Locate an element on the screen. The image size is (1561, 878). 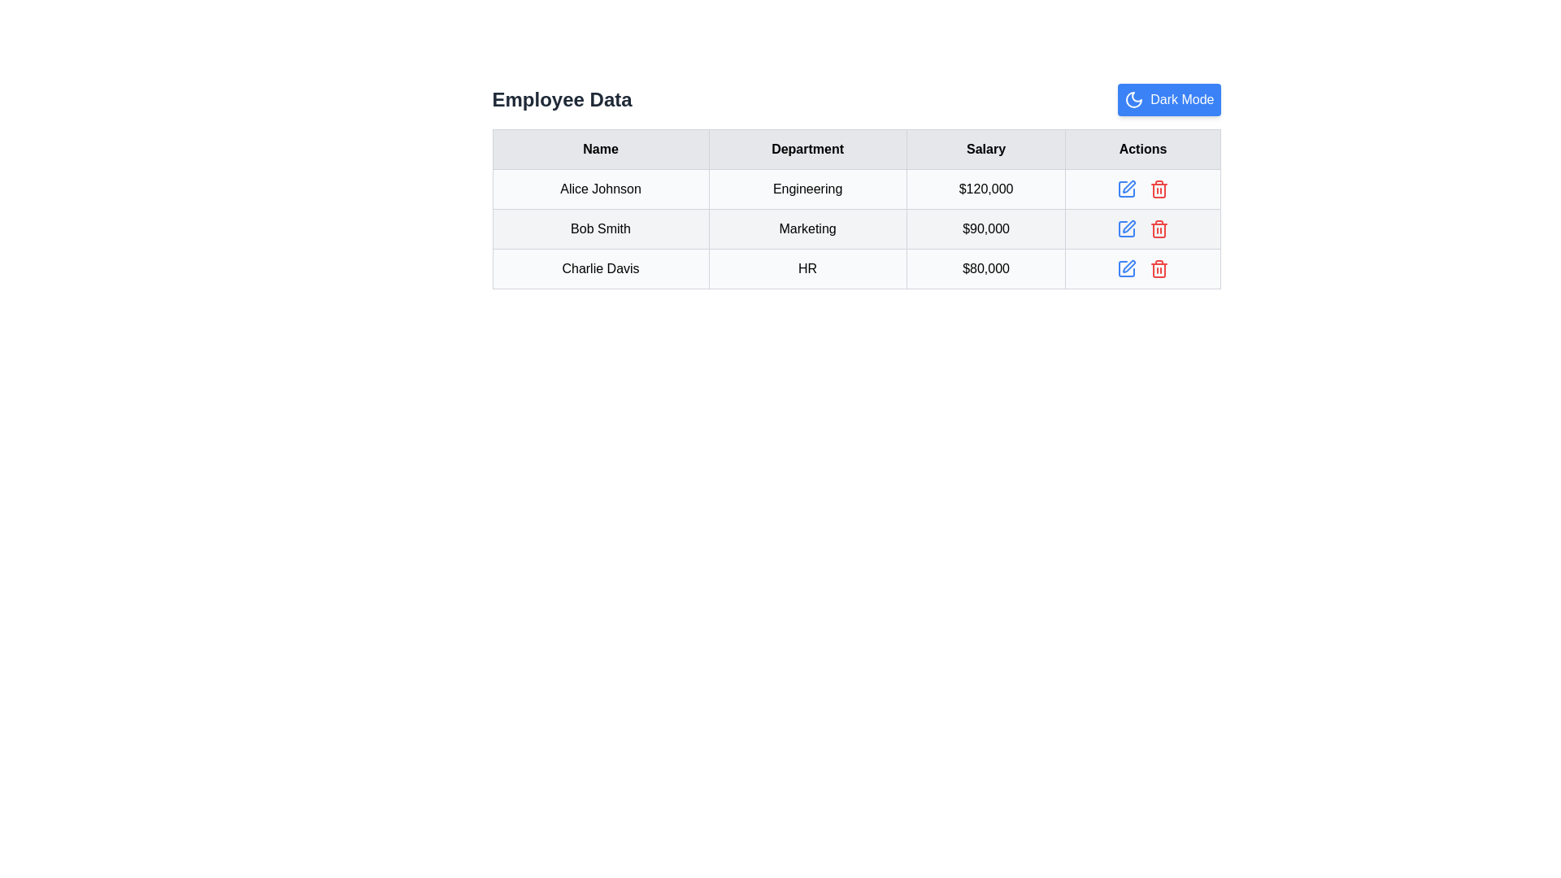
text '$80,000' from the table cell that is the third cell in the row for 'Charlie Davis' is located at coordinates (985, 268).